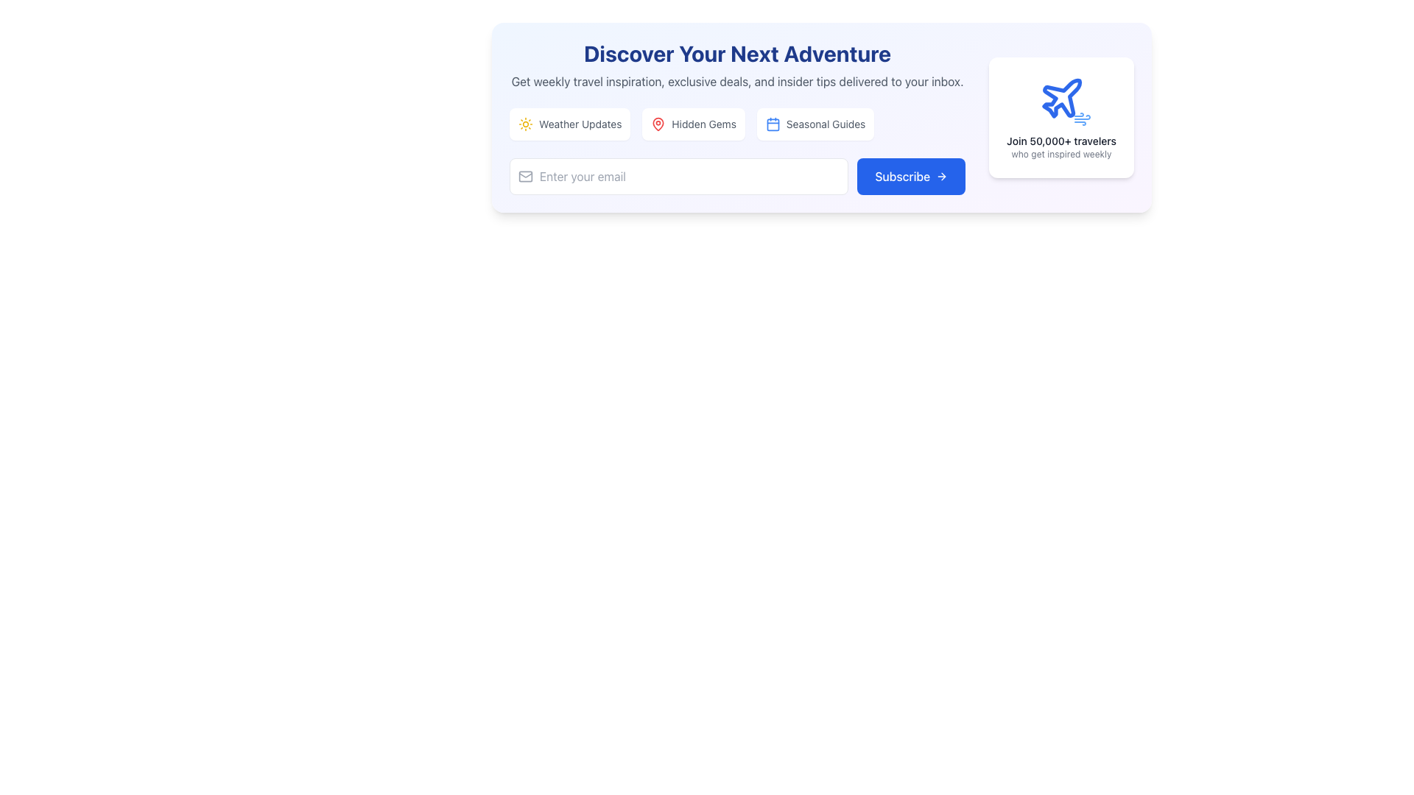  Describe the element at coordinates (1082, 119) in the screenshot. I see `the decorative icon located in the bottom right corner of the section containing the plane icon and the text 'Join 50,000+ travelers who get inspired weekly'` at that location.